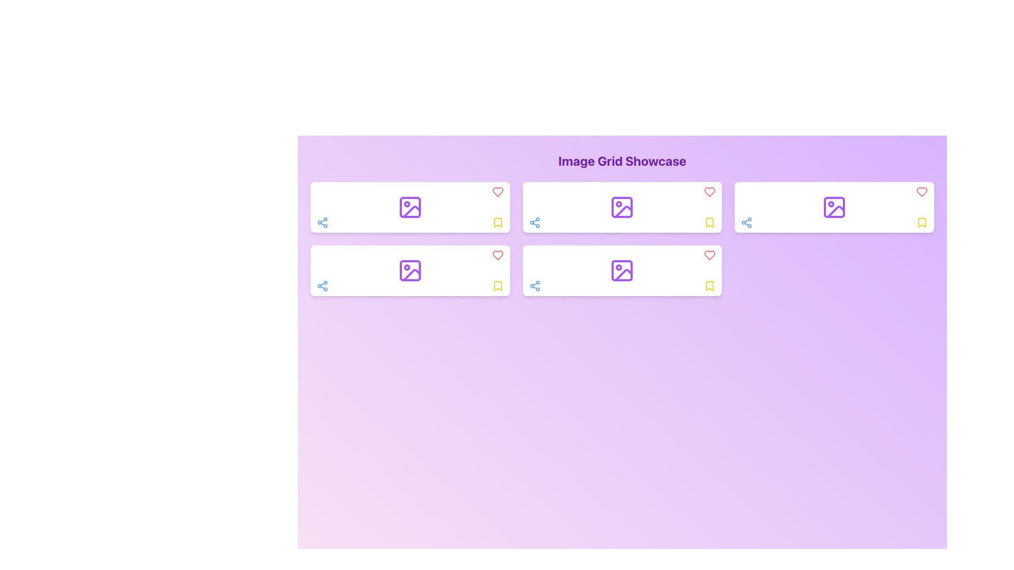 This screenshot has width=1014, height=570. Describe the element at coordinates (497, 222) in the screenshot. I see `the yellow bookmark icon located in the bottom-right corner of the upper right card within the grid` at that location.